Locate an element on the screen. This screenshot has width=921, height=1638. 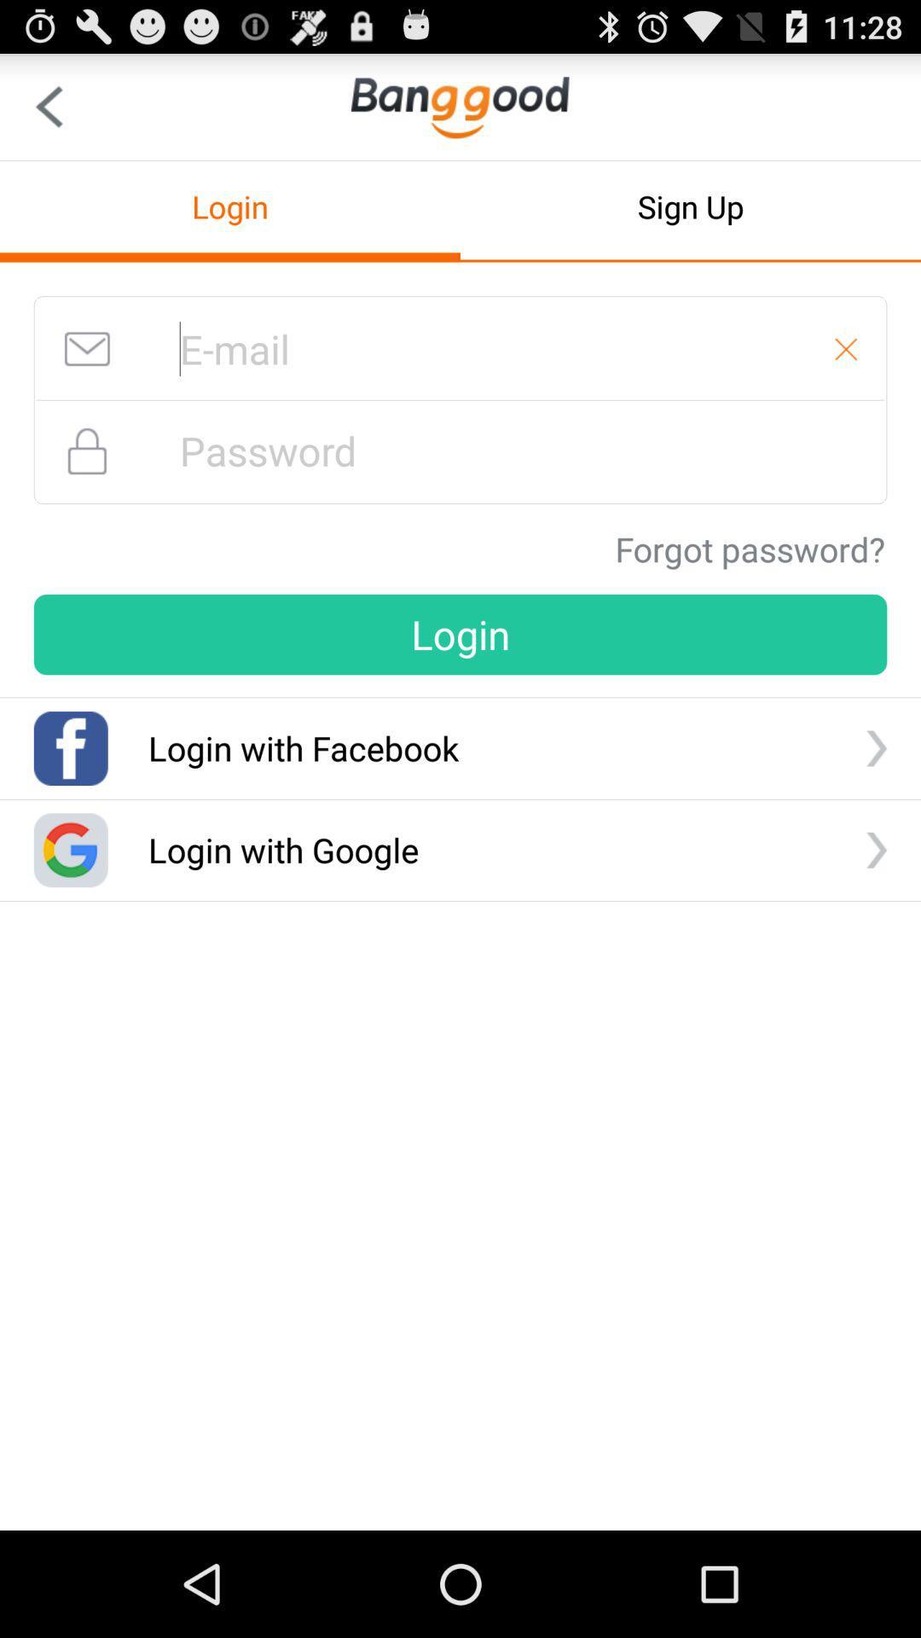
password is located at coordinates (460, 450).